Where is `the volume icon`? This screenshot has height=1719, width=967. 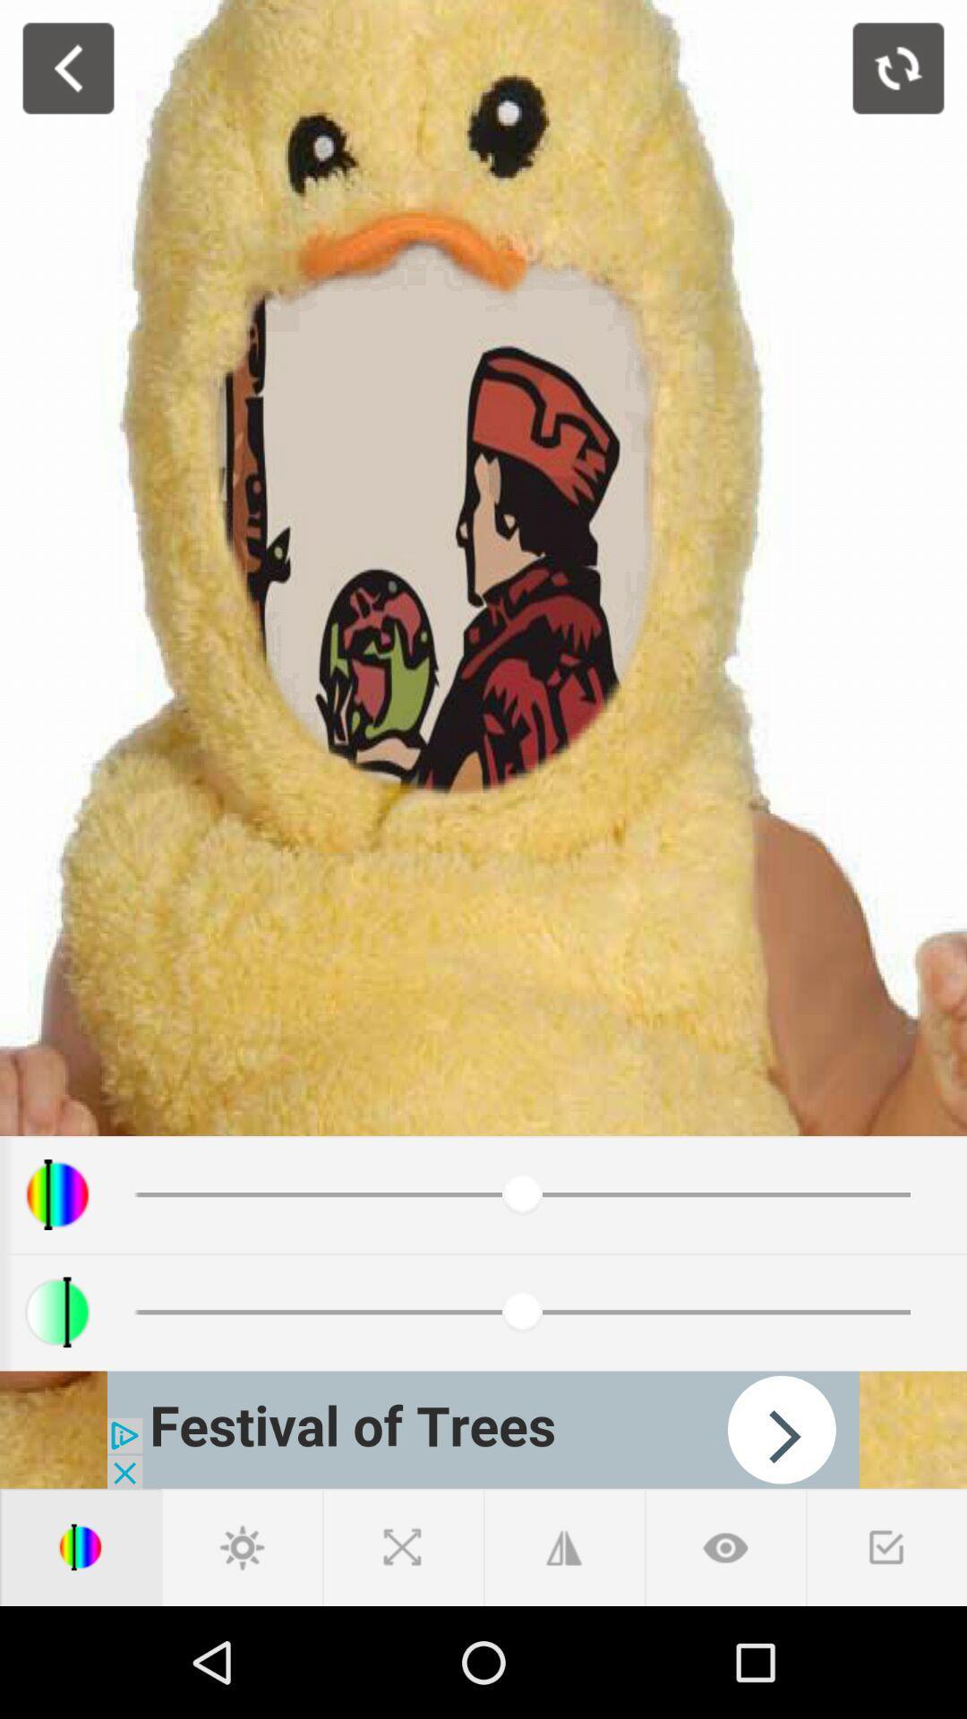 the volume icon is located at coordinates (79, 1546).